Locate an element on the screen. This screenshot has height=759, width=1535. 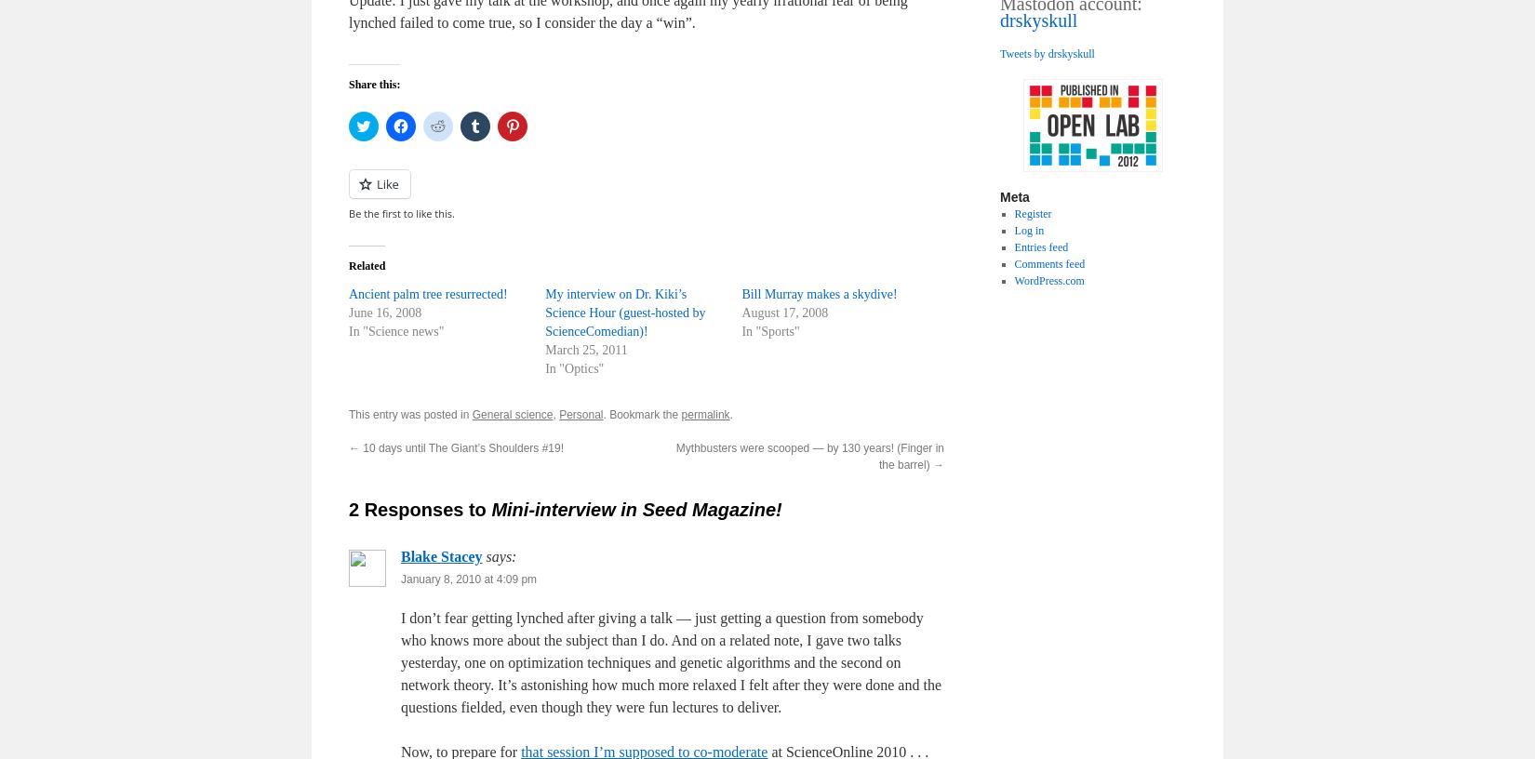
'Tweets by drskyskull' is located at coordinates (1047, 53).